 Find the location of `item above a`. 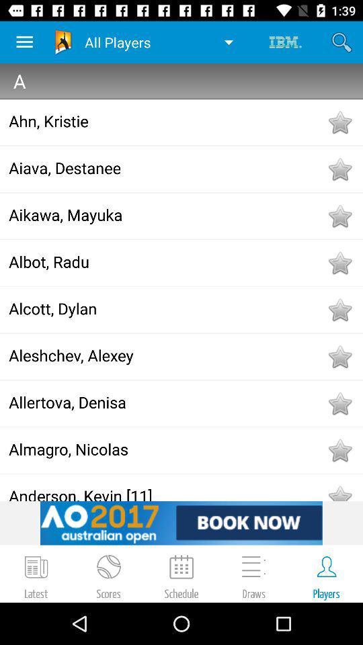

item above a is located at coordinates (341, 42).